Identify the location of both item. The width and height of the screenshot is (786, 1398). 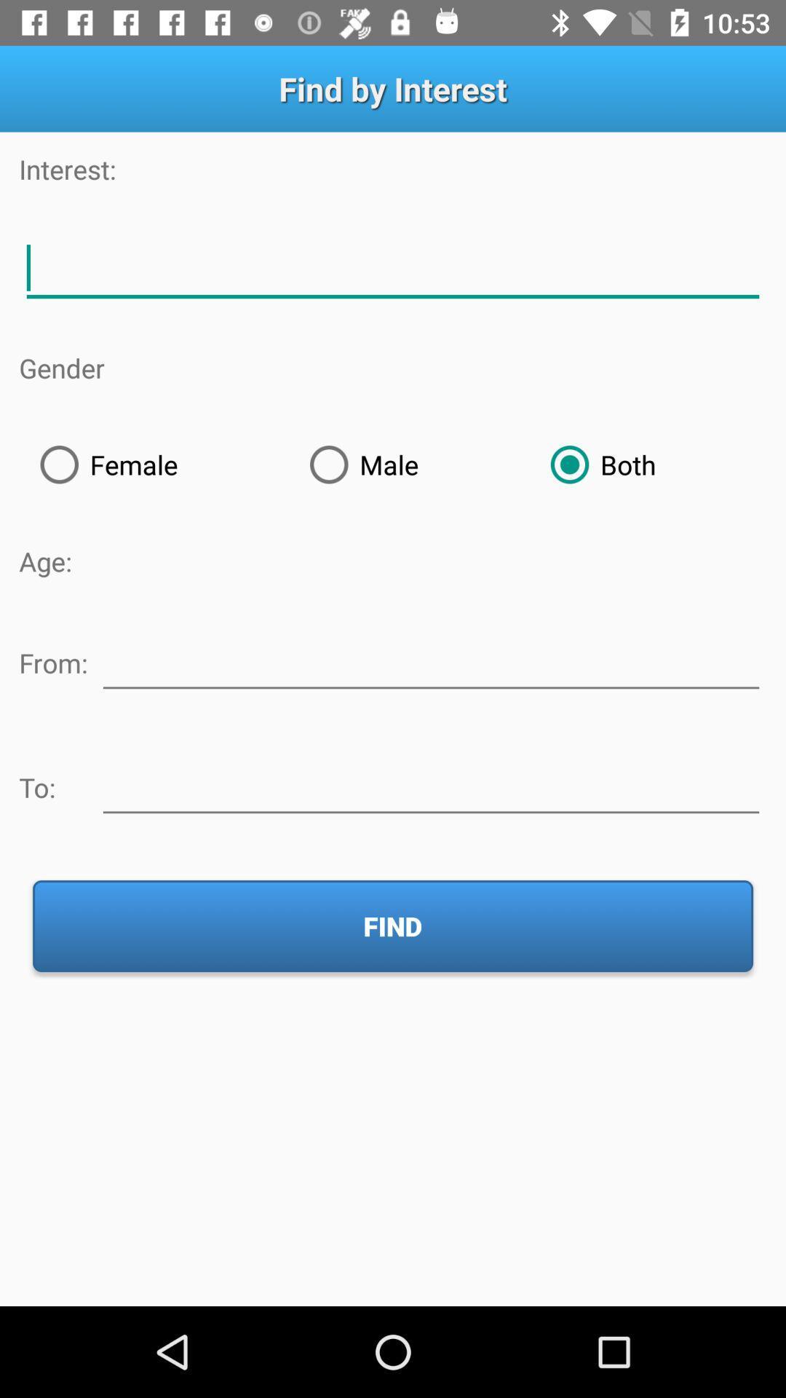
(647, 464).